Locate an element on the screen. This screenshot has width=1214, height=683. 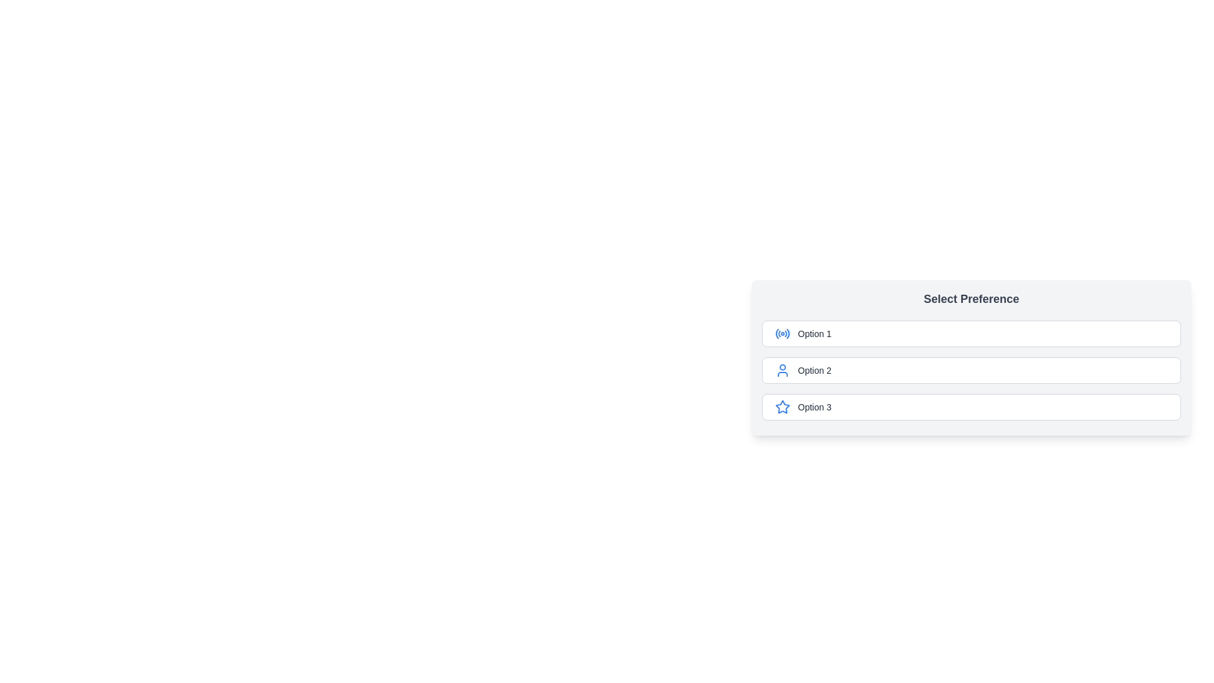
the second selectable list item (radio button option) labeled 'Option 2' in the 'Select Preference' group is located at coordinates (971, 370).